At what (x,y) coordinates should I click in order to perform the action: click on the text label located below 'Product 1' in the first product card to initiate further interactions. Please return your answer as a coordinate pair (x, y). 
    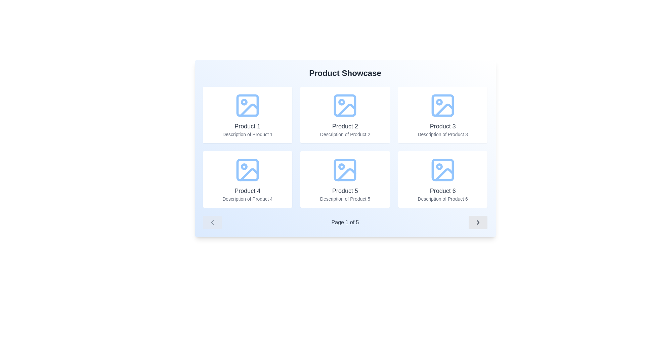
    Looking at the image, I should click on (247, 134).